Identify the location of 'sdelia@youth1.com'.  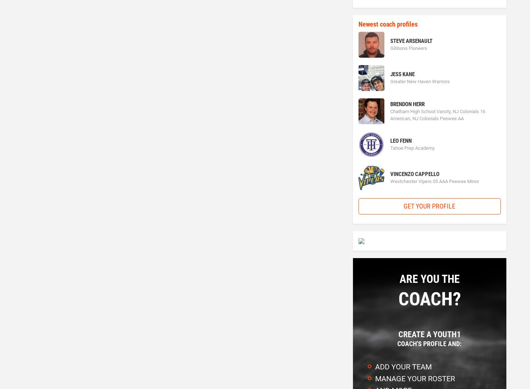
(310, 75).